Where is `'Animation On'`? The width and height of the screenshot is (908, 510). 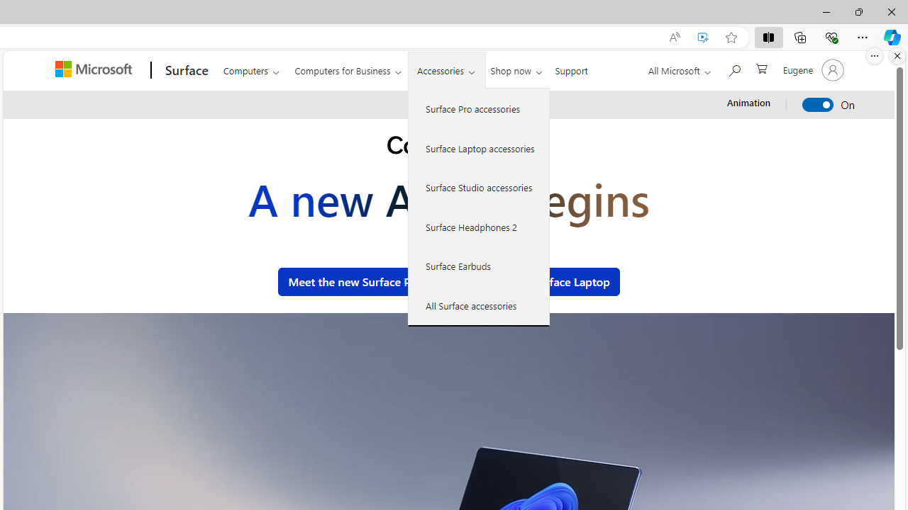 'Animation On' is located at coordinates (818, 103).